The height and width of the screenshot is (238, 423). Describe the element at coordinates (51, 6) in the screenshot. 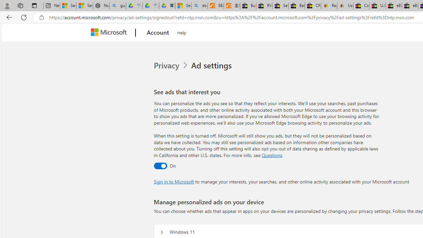

I see `'New tab'` at that location.